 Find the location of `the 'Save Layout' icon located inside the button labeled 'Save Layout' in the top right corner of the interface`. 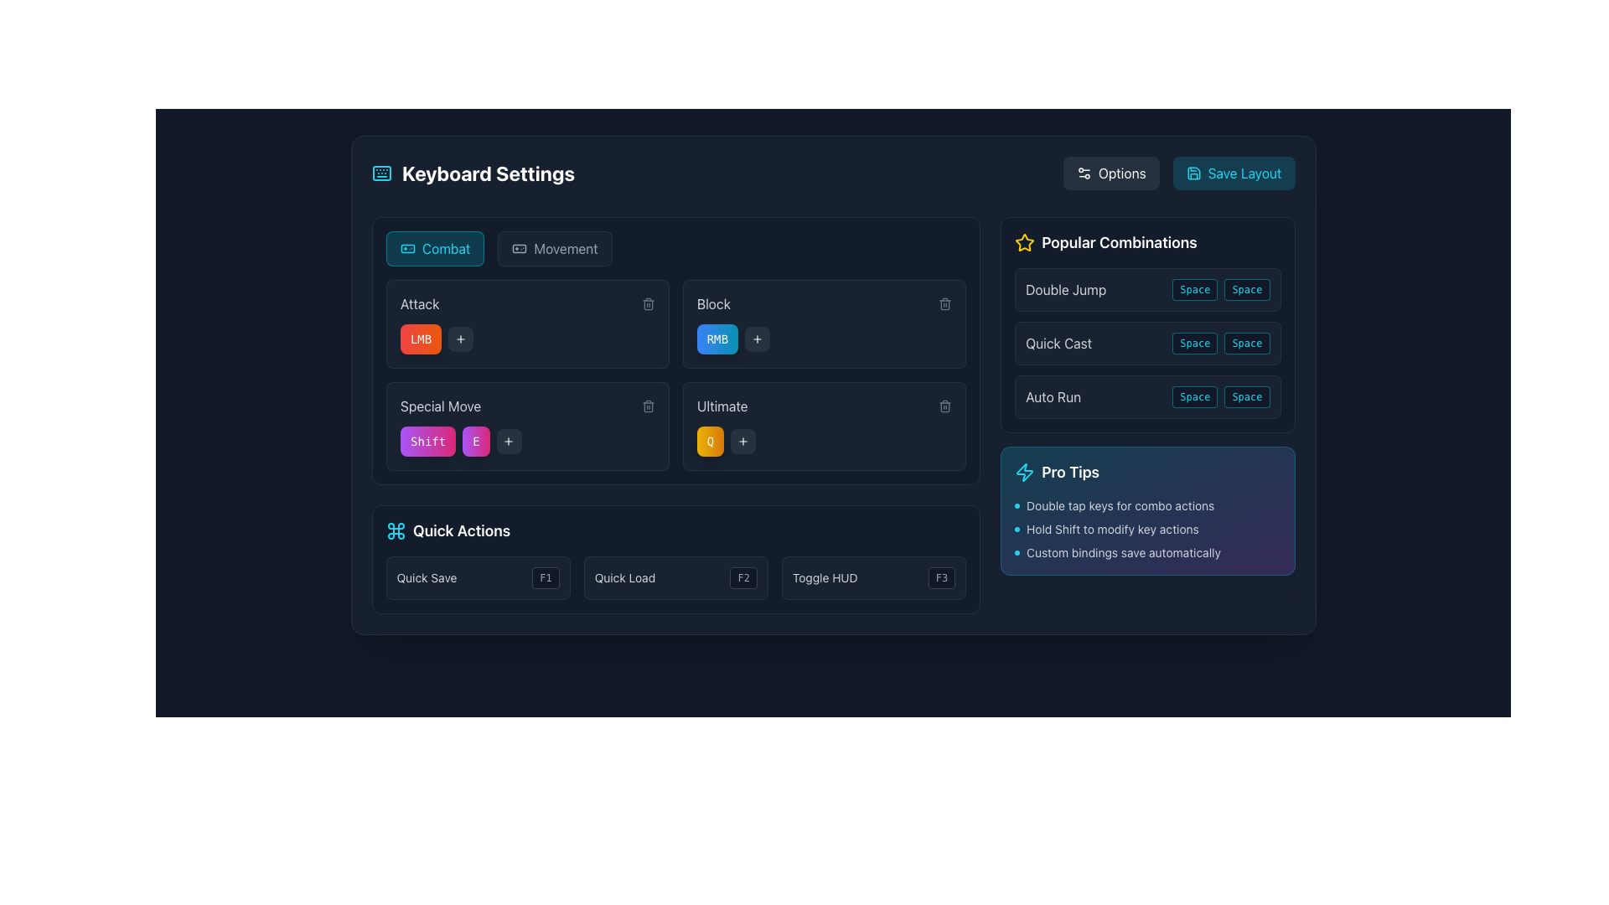

the 'Save Layout' icon located inside the button labeled 'Save Layout' in the top right corner of the interface is located at coordinates (1193, 173).